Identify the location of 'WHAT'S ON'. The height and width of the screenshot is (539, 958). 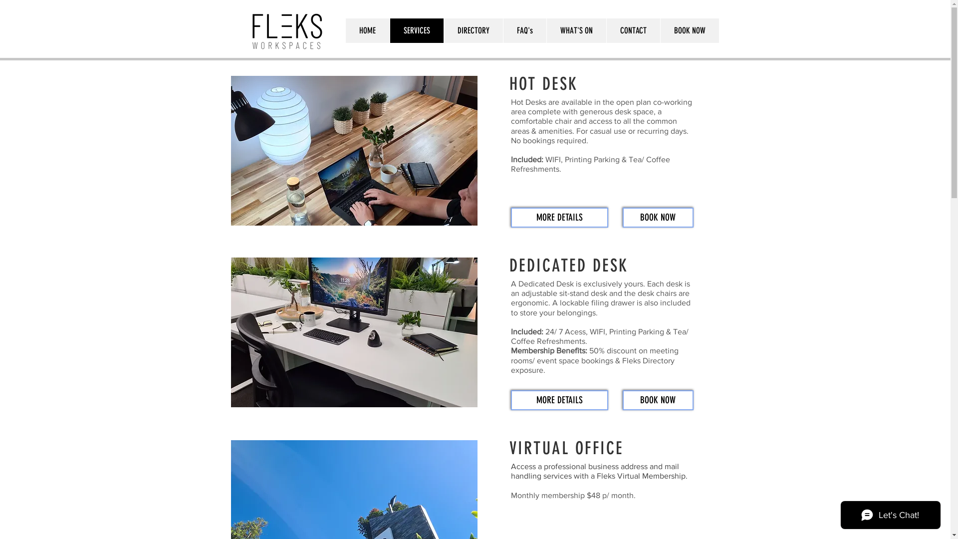
(575, 30).